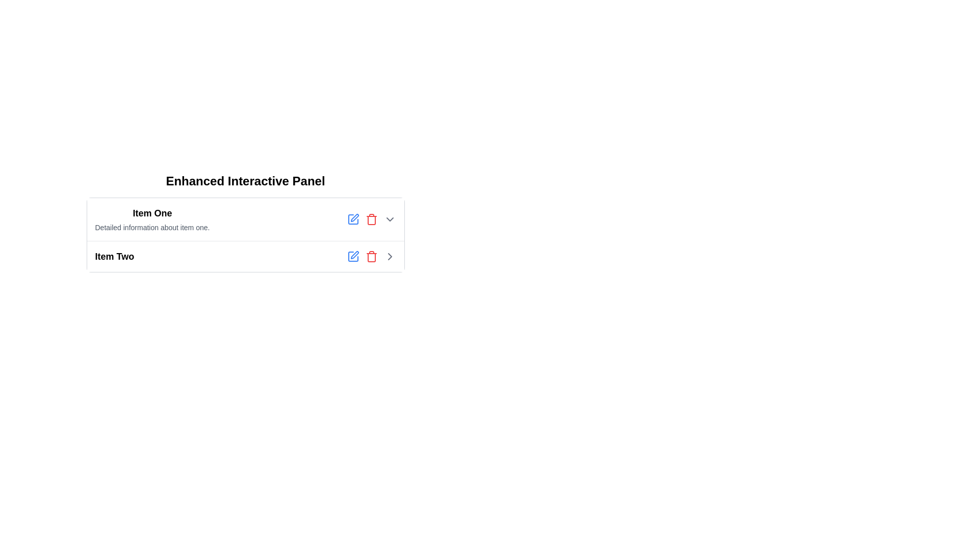  I want to click on the pen-shaped icon located to the right of the 'Item One' text to initiate the edit action, so click(354, 217).